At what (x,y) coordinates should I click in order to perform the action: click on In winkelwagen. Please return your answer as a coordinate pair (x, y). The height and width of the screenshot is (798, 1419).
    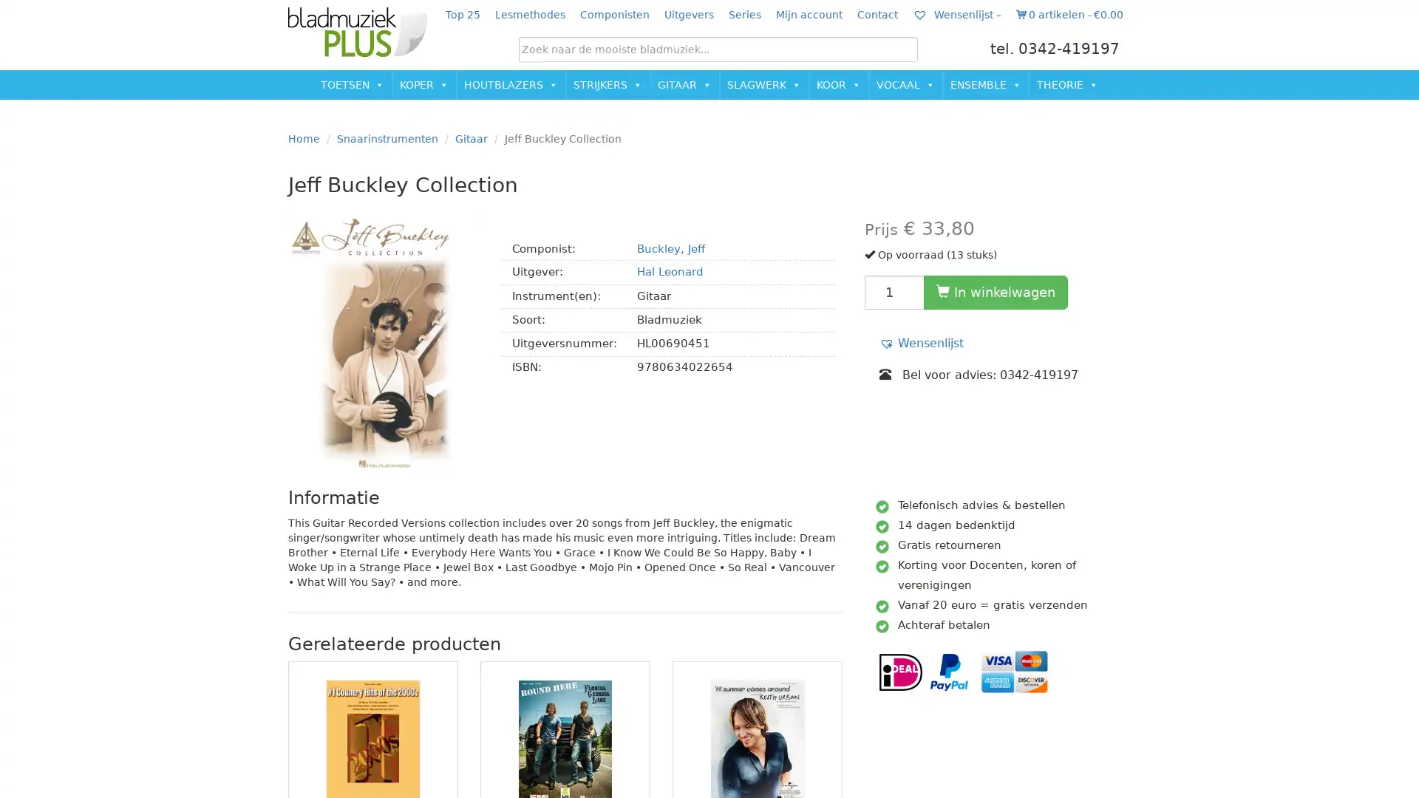
    Looking at the image, I should click on (996, 291).